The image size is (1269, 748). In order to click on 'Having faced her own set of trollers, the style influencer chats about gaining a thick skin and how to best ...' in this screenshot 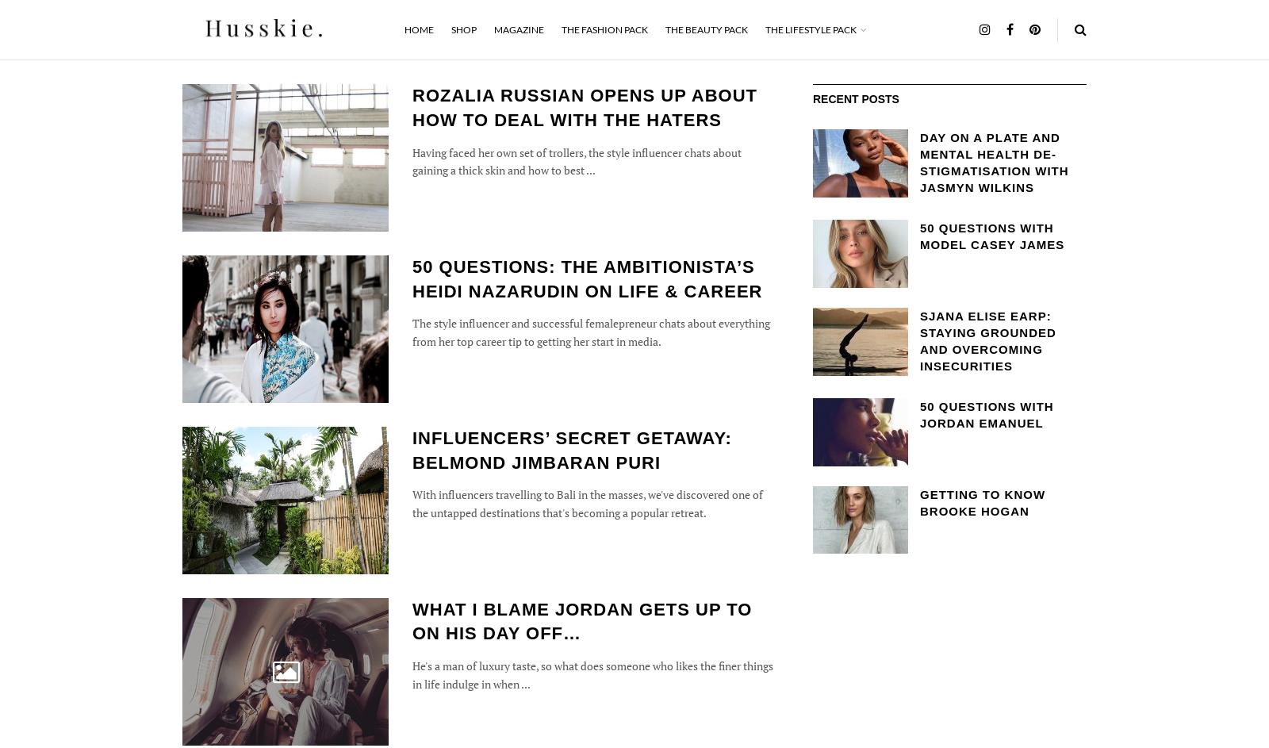, I will do `click(577, 159)`.